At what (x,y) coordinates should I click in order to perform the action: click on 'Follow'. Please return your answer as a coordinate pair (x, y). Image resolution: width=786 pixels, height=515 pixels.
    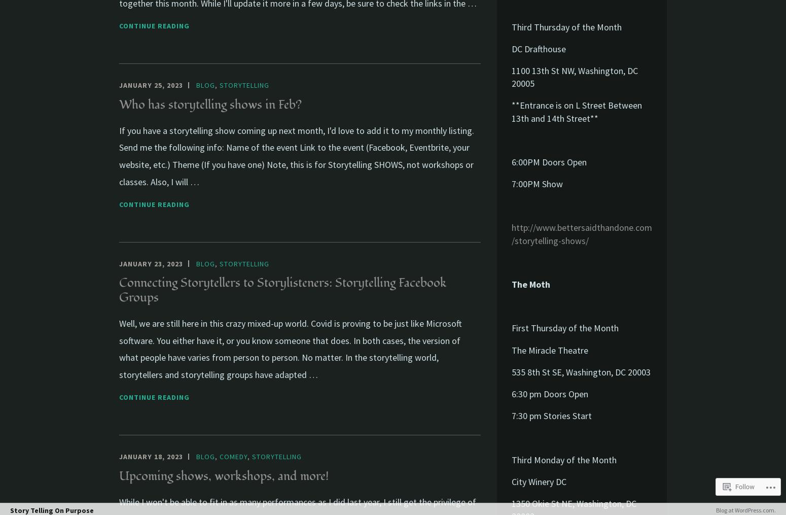
    Looking at the image, I should click on (744, 486).